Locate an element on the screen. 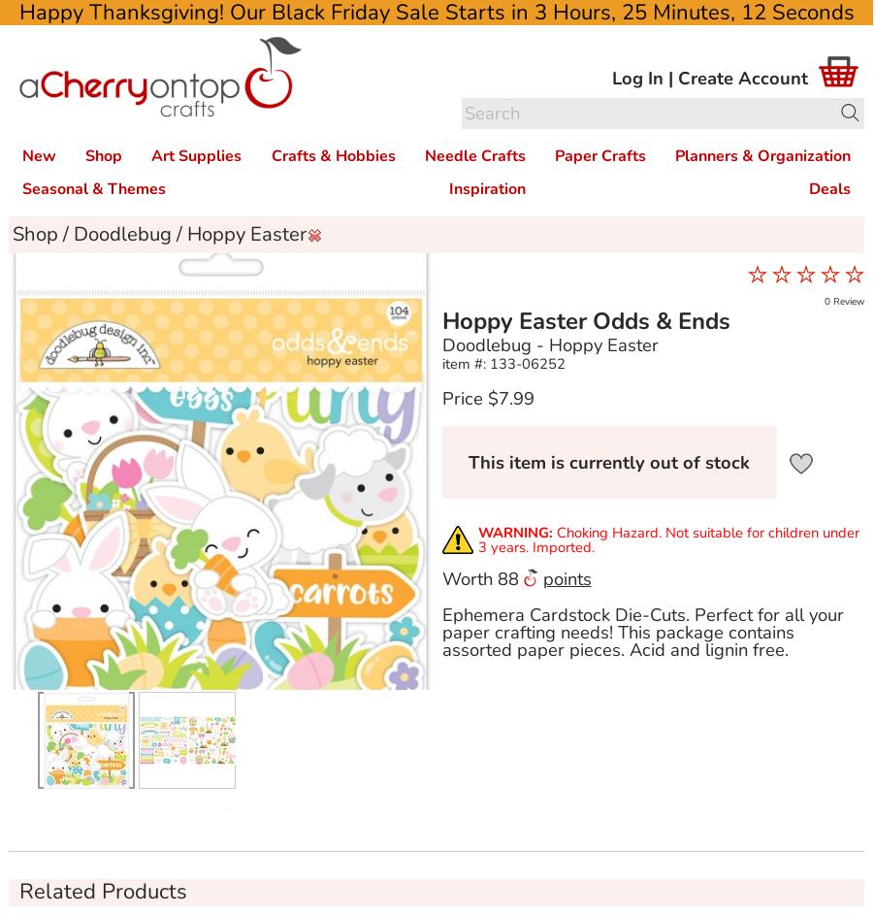 This screenshot has width=875, height=915. 'Create Account' is located at coordinates (677, 76).